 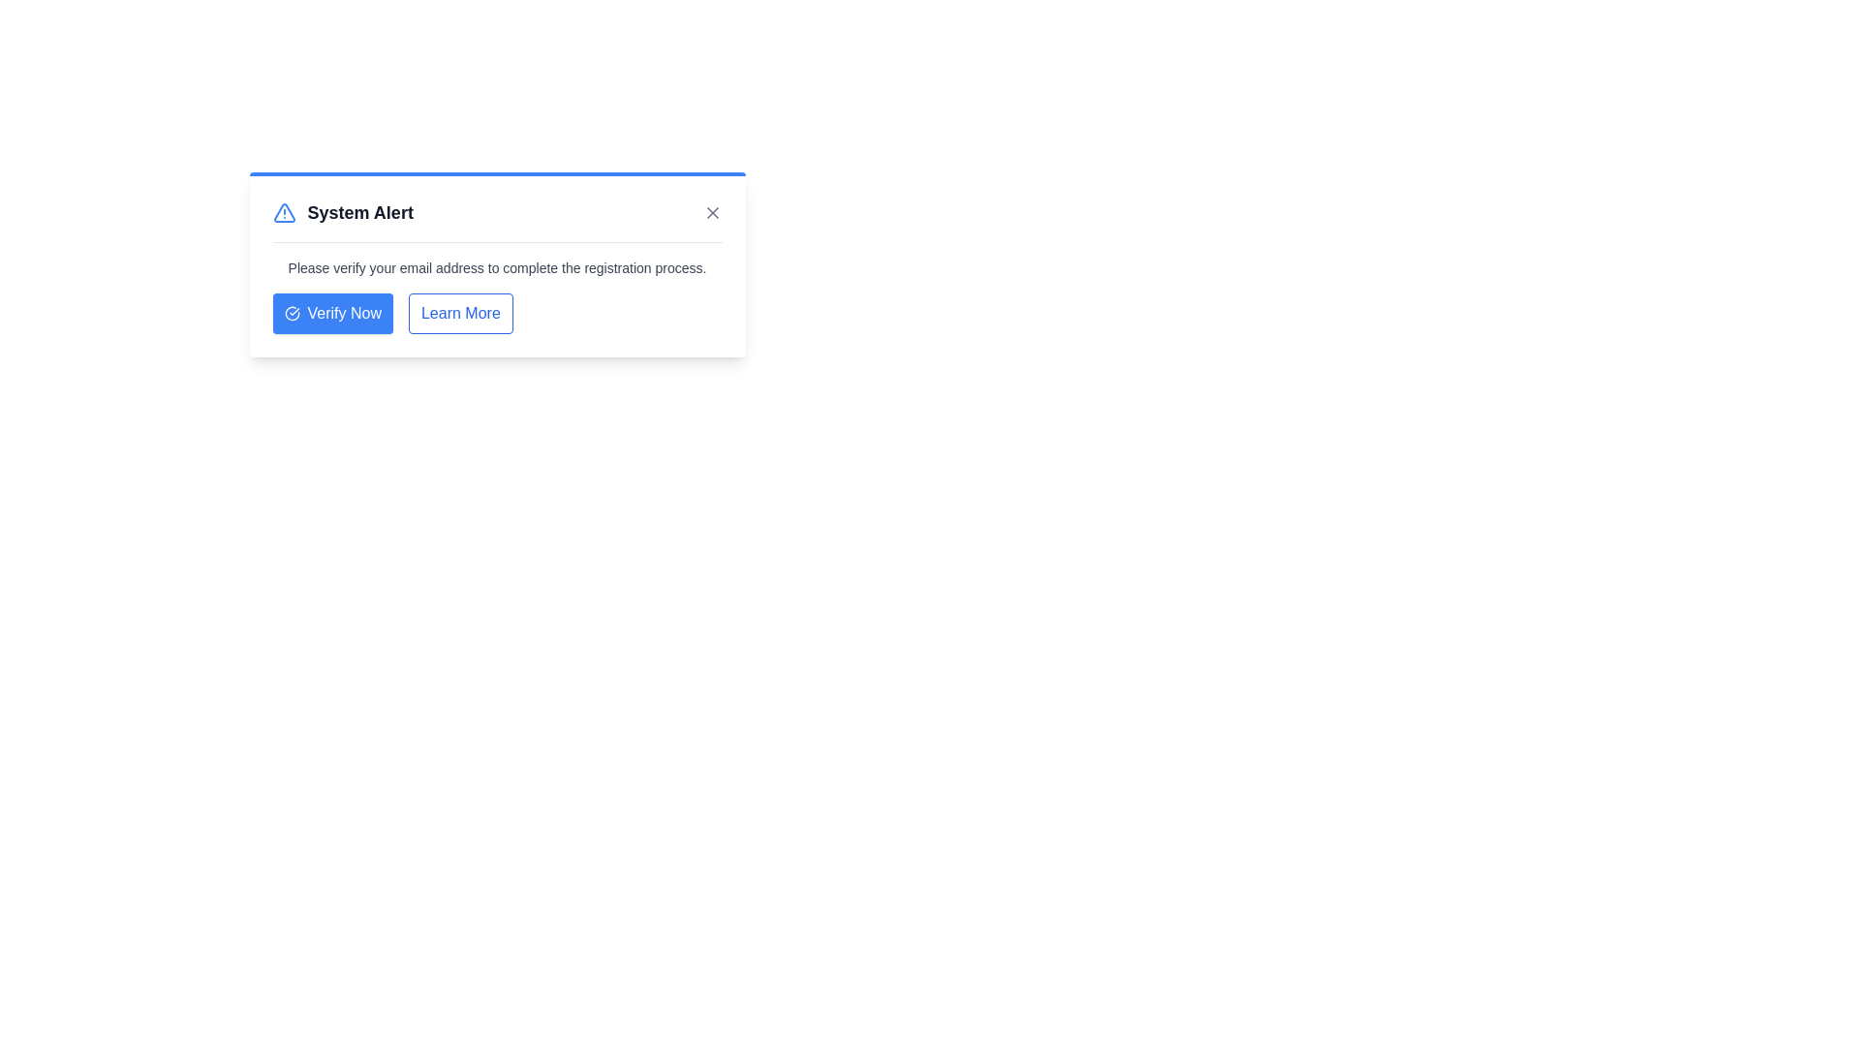 What do you see at coordinates (711, 212) in the screenshot?
I see `the close button to dismiss the notification` at bounding box center [711, 212].